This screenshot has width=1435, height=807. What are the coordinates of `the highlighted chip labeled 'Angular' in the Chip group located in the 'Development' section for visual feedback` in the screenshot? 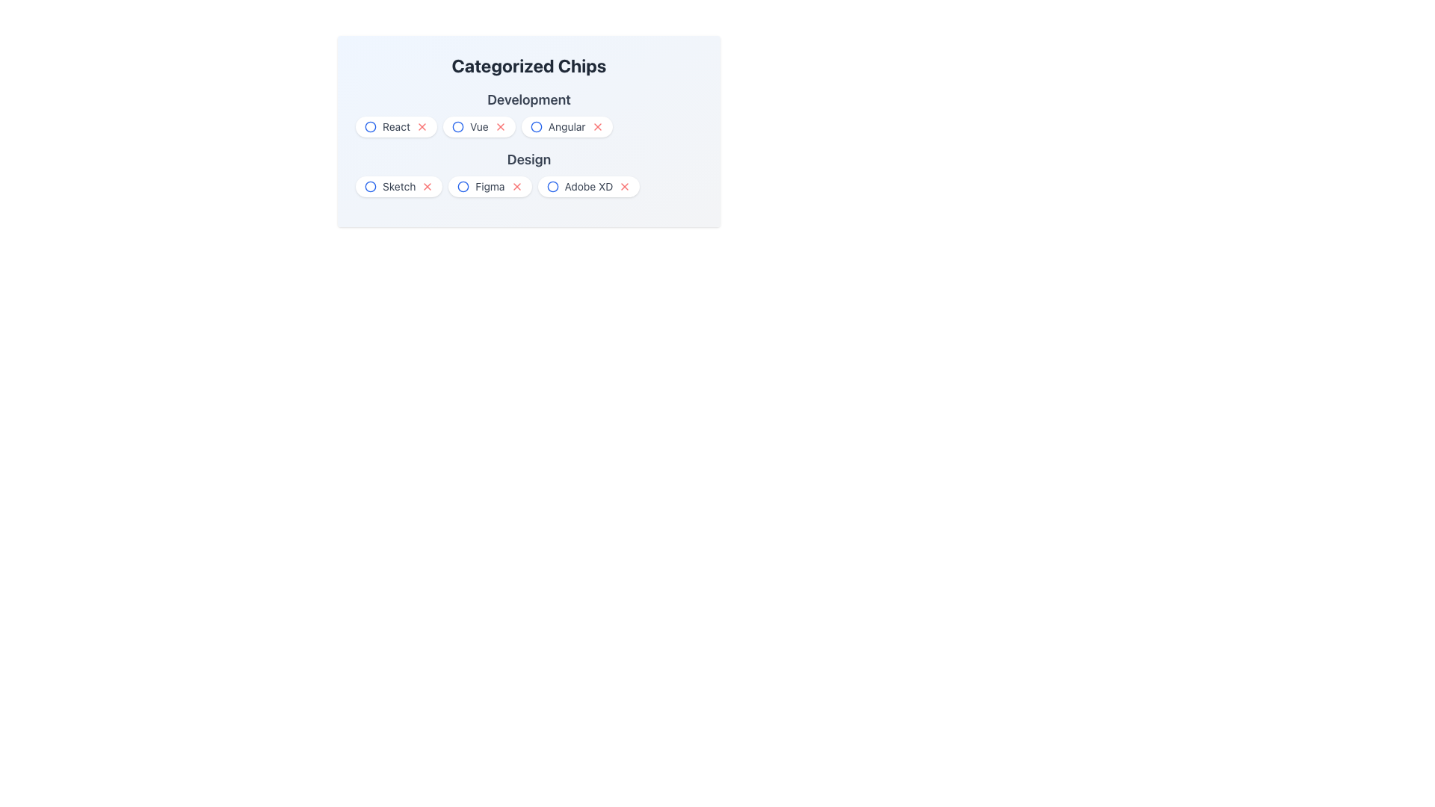 It's located at (529, 126).